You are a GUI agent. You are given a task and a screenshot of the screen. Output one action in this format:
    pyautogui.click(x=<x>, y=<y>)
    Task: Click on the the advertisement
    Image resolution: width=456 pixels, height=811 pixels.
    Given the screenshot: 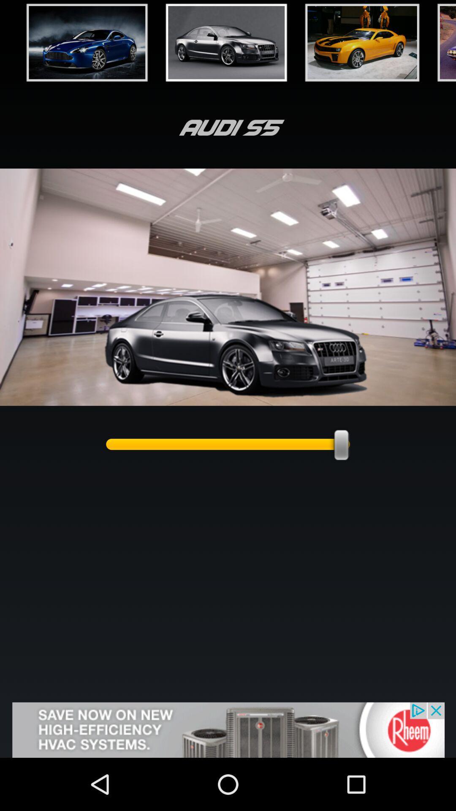 What is the action you would take?
    pyautogui.click(x=228, y=729)
    